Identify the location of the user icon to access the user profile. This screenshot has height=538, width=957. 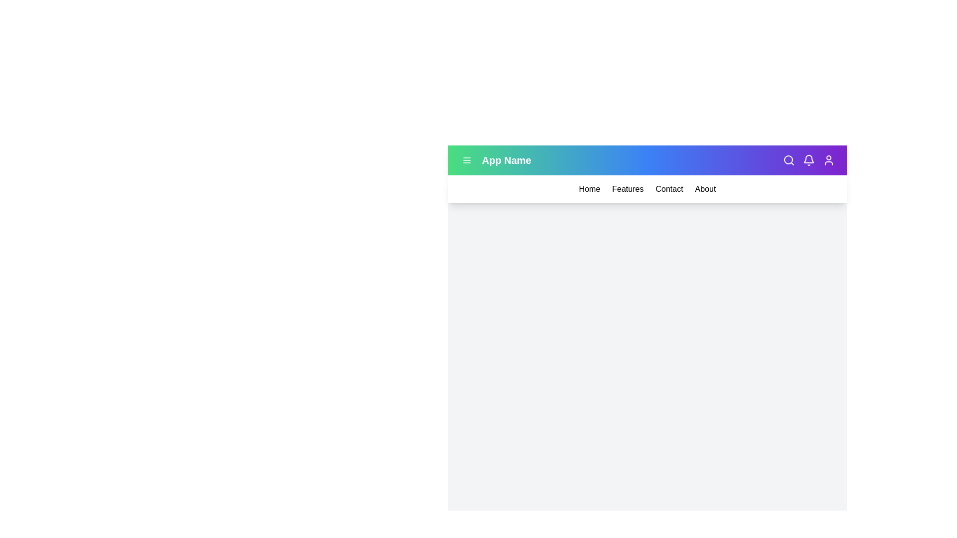
(828, 159).